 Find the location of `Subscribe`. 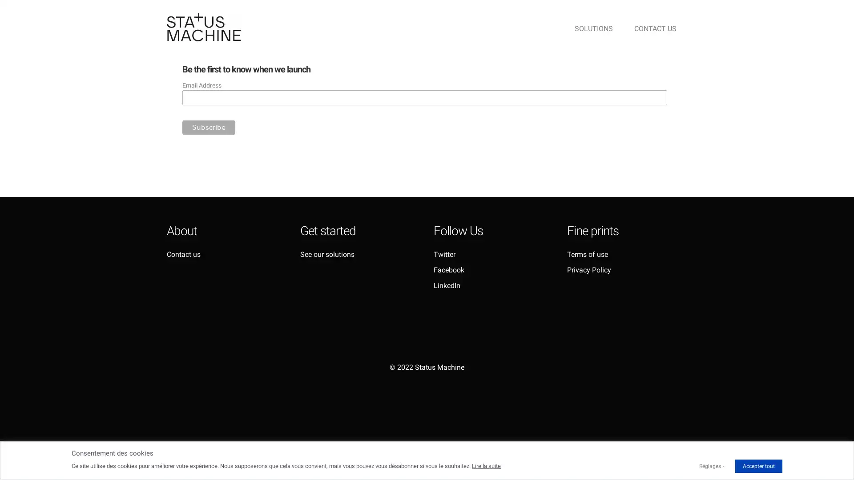

Subscribe is located at coordinates (208, 127).